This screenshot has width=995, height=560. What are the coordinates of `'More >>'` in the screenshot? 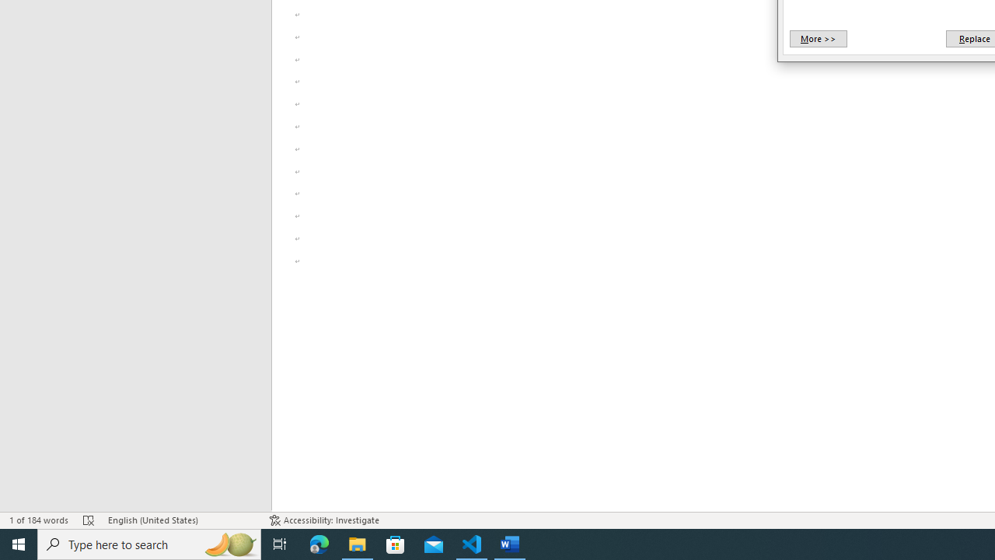 It's located at (817, 38).